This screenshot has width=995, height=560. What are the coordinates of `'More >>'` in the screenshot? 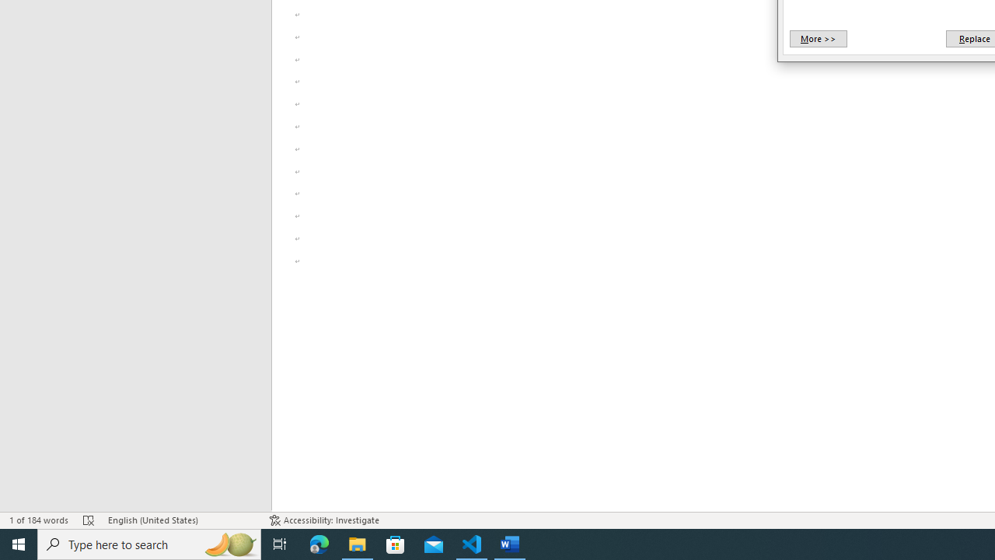 It's located at (817, 38).